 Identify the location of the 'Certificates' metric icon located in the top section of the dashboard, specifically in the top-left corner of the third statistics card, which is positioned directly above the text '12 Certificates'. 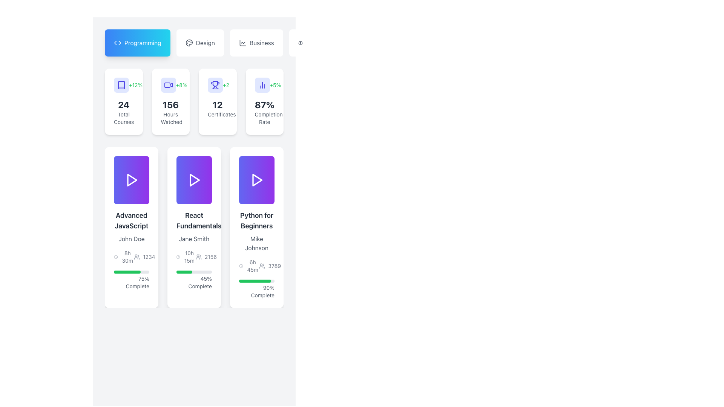
(215, 85).